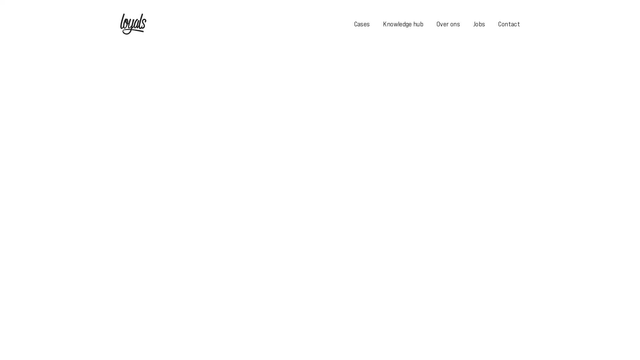 The image size is (640, 360). What do you see at coordinates (77, 335) in the screenshot?
I see `Toestaan` at bounding box center [77, 335].